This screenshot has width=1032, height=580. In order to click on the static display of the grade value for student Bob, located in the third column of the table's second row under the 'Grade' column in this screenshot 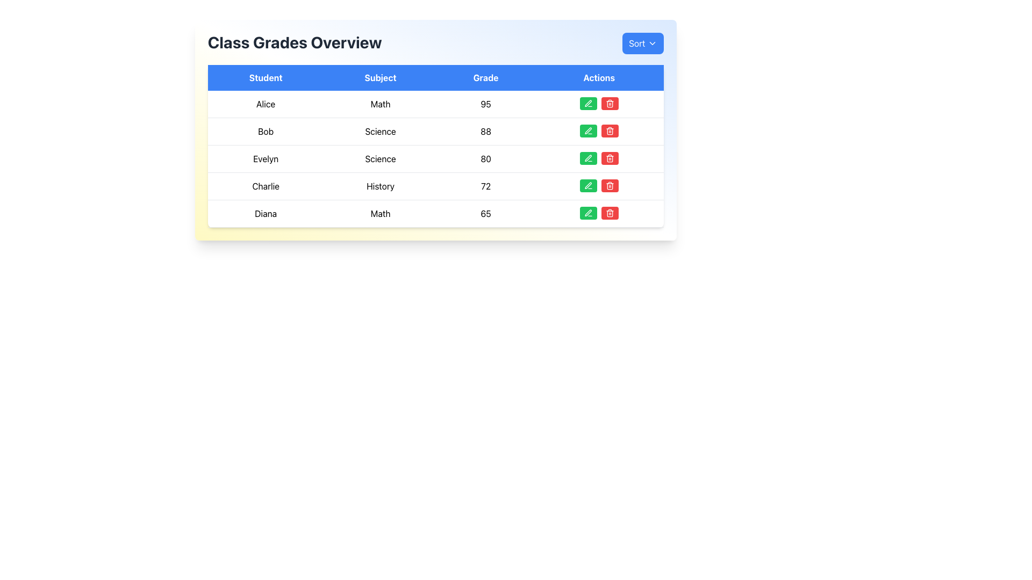, I will do `click(485, 131)`.